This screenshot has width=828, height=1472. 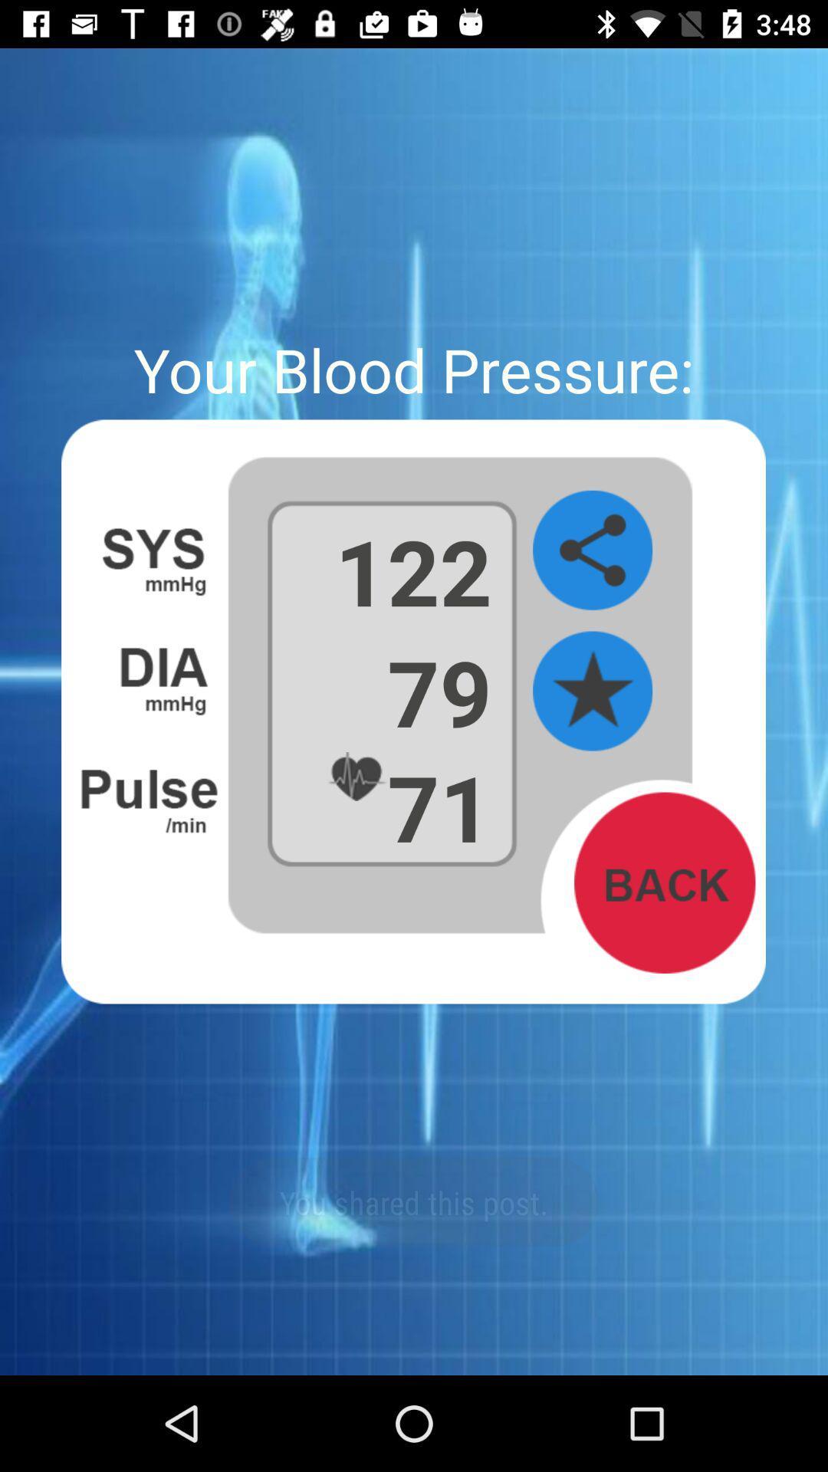 What do you see at coordinates (592, 550) in the screenshot?
I see `share` at bounding box center [592, 550].